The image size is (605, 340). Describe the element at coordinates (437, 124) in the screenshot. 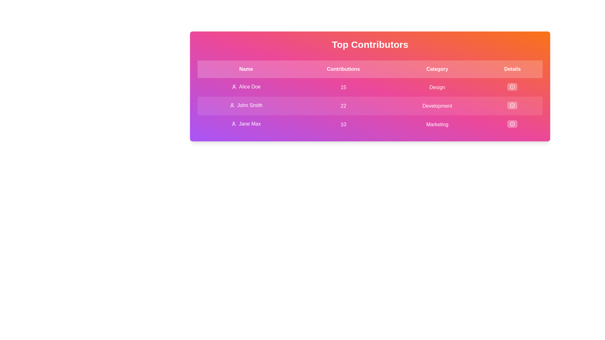

I see `the text label representing the category associated with contributor 'Jane Max' in the 'Top Contributors' table, located in the 'Category' column of the third row` at that location.